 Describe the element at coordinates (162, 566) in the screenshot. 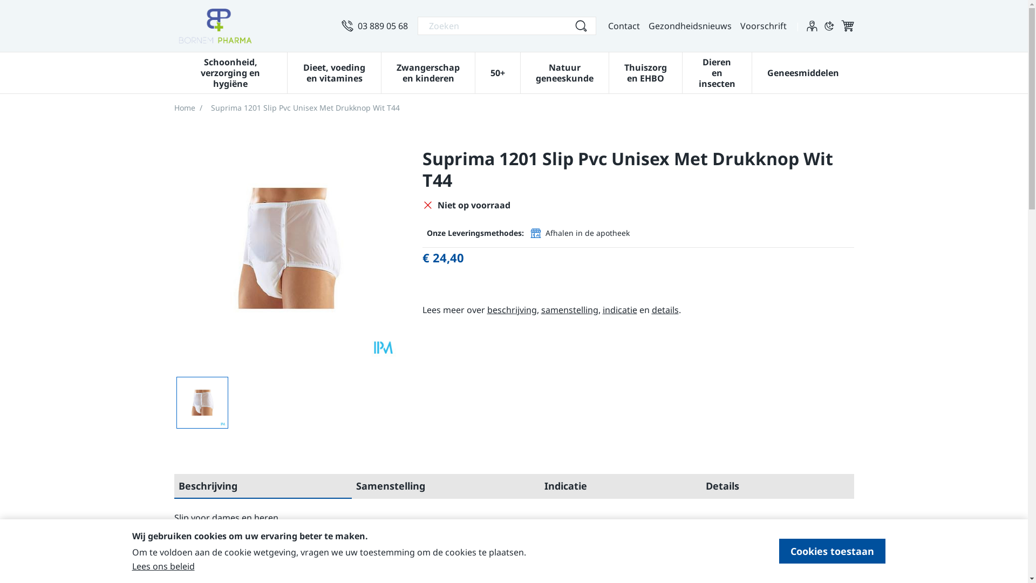

I see `'Lees ons beleid'` at that location.